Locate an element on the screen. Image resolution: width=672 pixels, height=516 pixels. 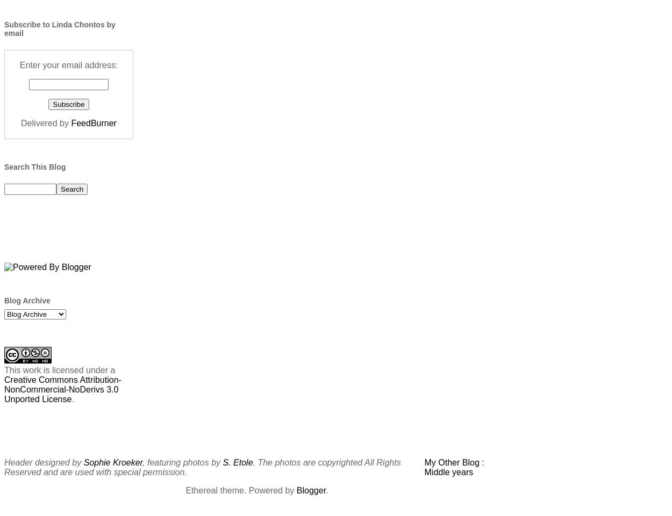
'FeedBurner' is located at coordinates (94, 122).